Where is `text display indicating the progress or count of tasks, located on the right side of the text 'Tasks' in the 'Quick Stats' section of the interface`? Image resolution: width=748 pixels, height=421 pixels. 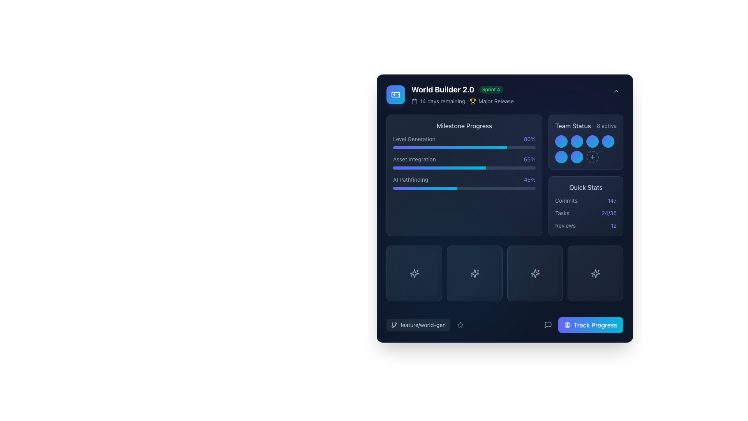 text display indicating the progress or count of tasks, located on the right side of the text 'Tasks' in the 'Quick Stats' section of the interface is located at coordinates (609, 213).